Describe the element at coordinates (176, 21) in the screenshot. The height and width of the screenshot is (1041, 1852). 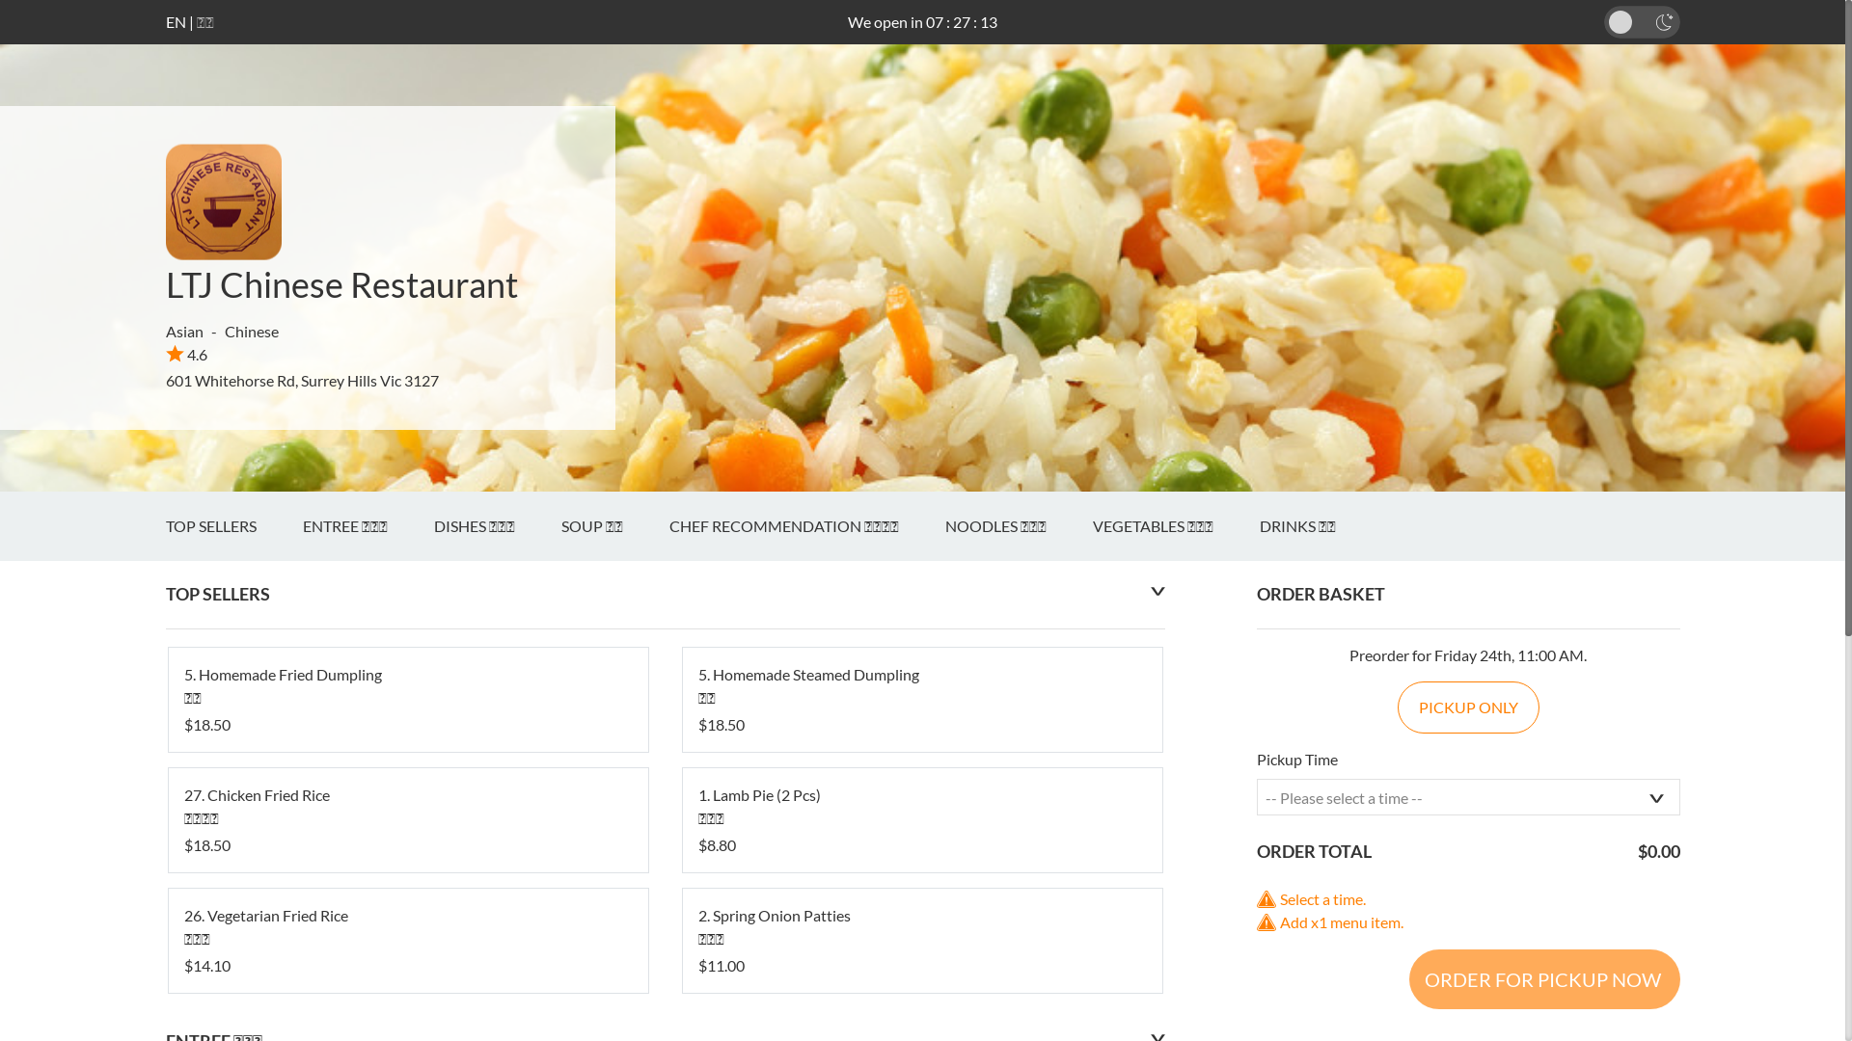
I see `'EN'` at that location.